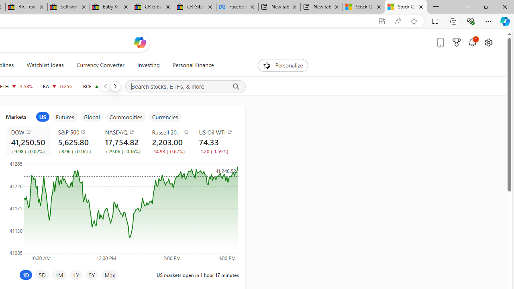  I want to click on 'Currencies', so click(164, 117).